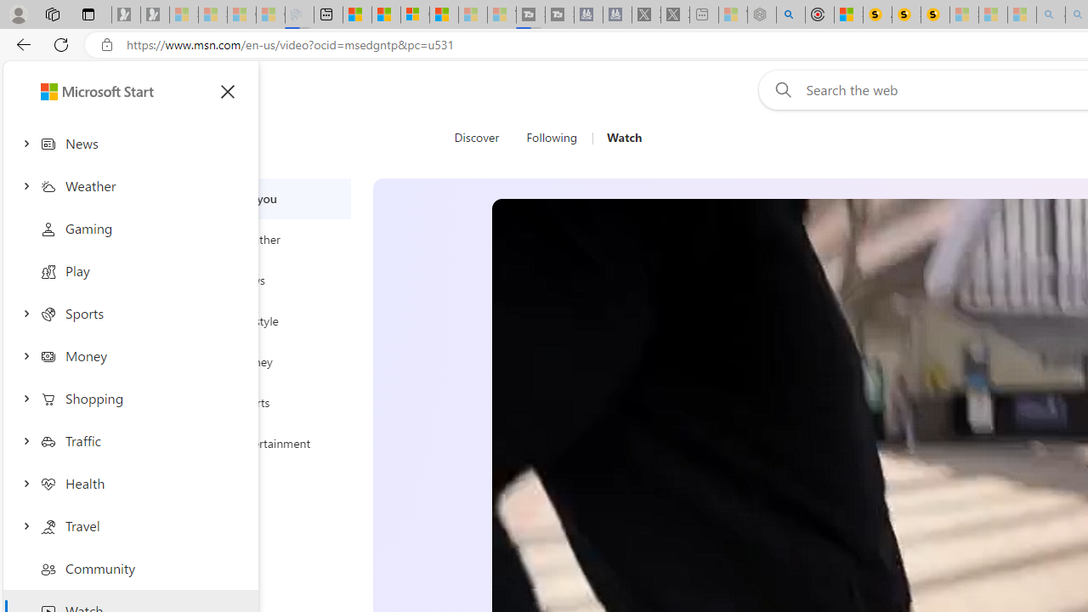  What do you see at coordinates (733, 14) in the screenshot?
I see `'Wildlife - MSN - Sleeping'` at bounding box center [733, 14].